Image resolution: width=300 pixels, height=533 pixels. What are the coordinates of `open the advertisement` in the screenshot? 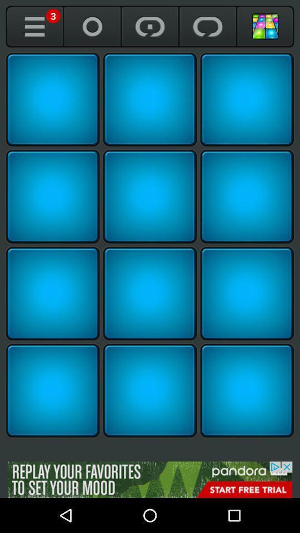 It's located at (150, 479).